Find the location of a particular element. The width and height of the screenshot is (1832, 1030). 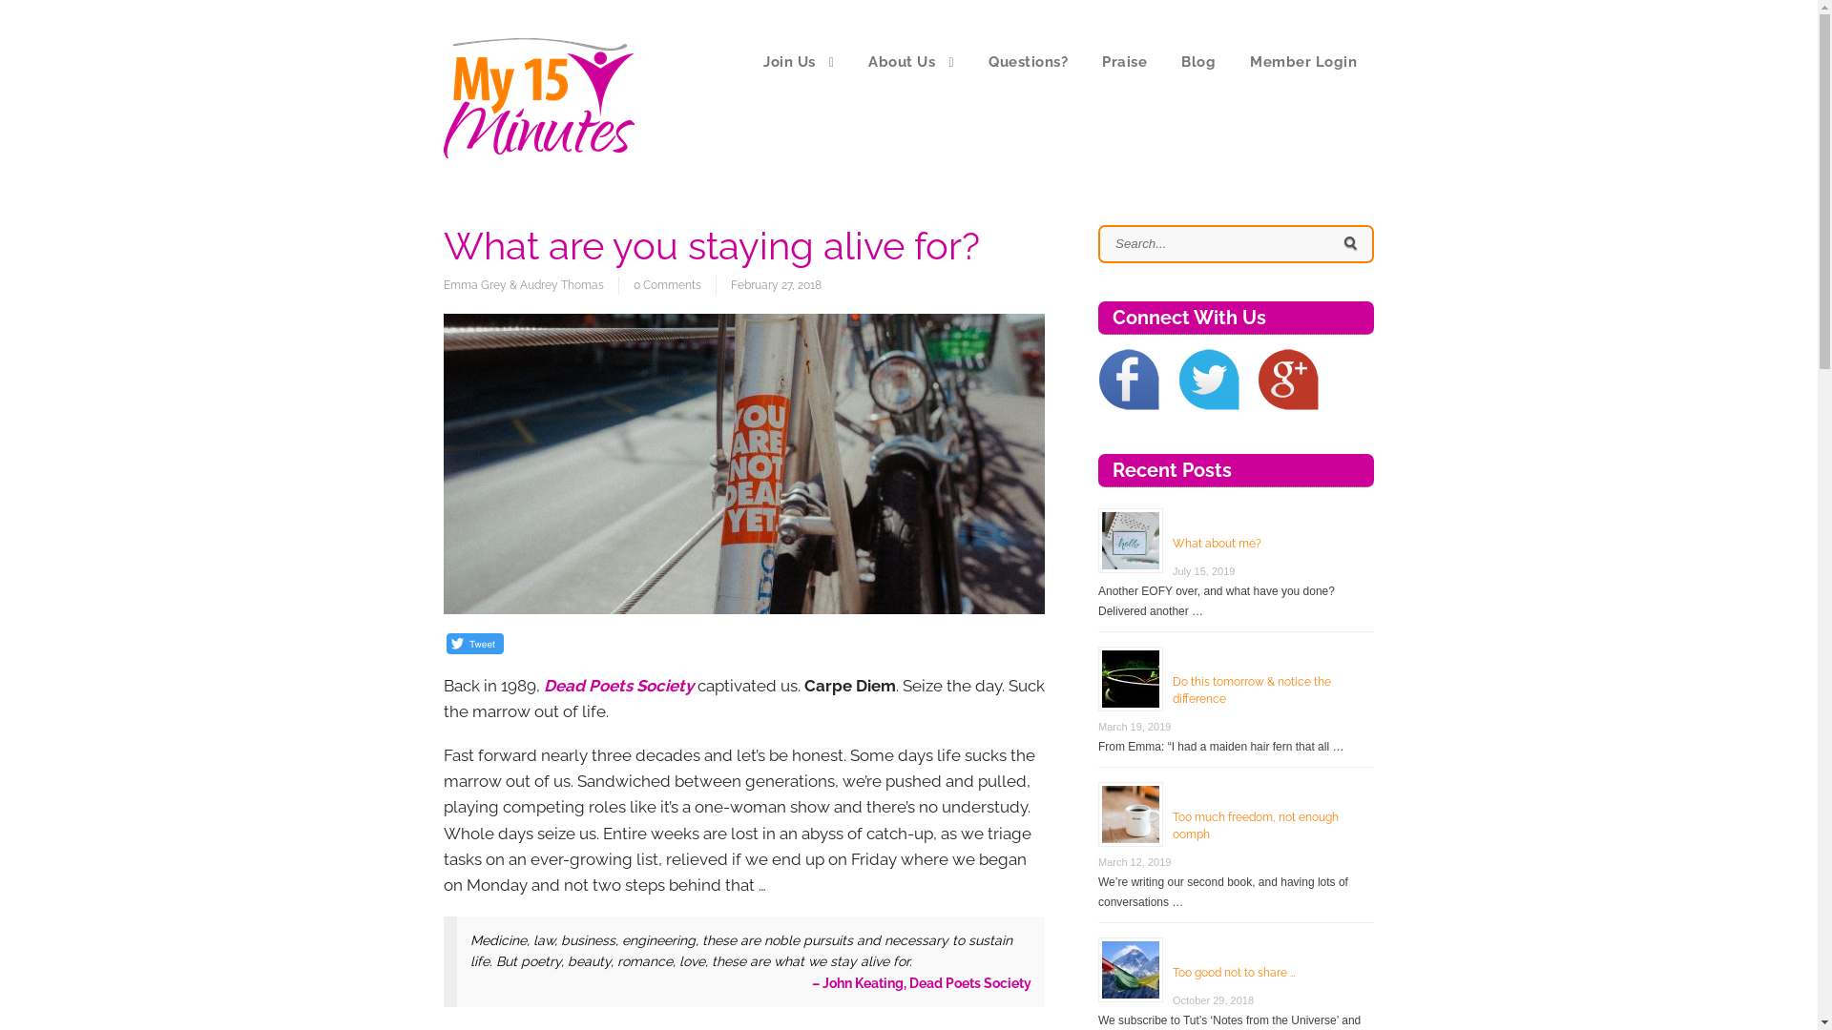

'0 Comments' is located at coordinates (667, 285).